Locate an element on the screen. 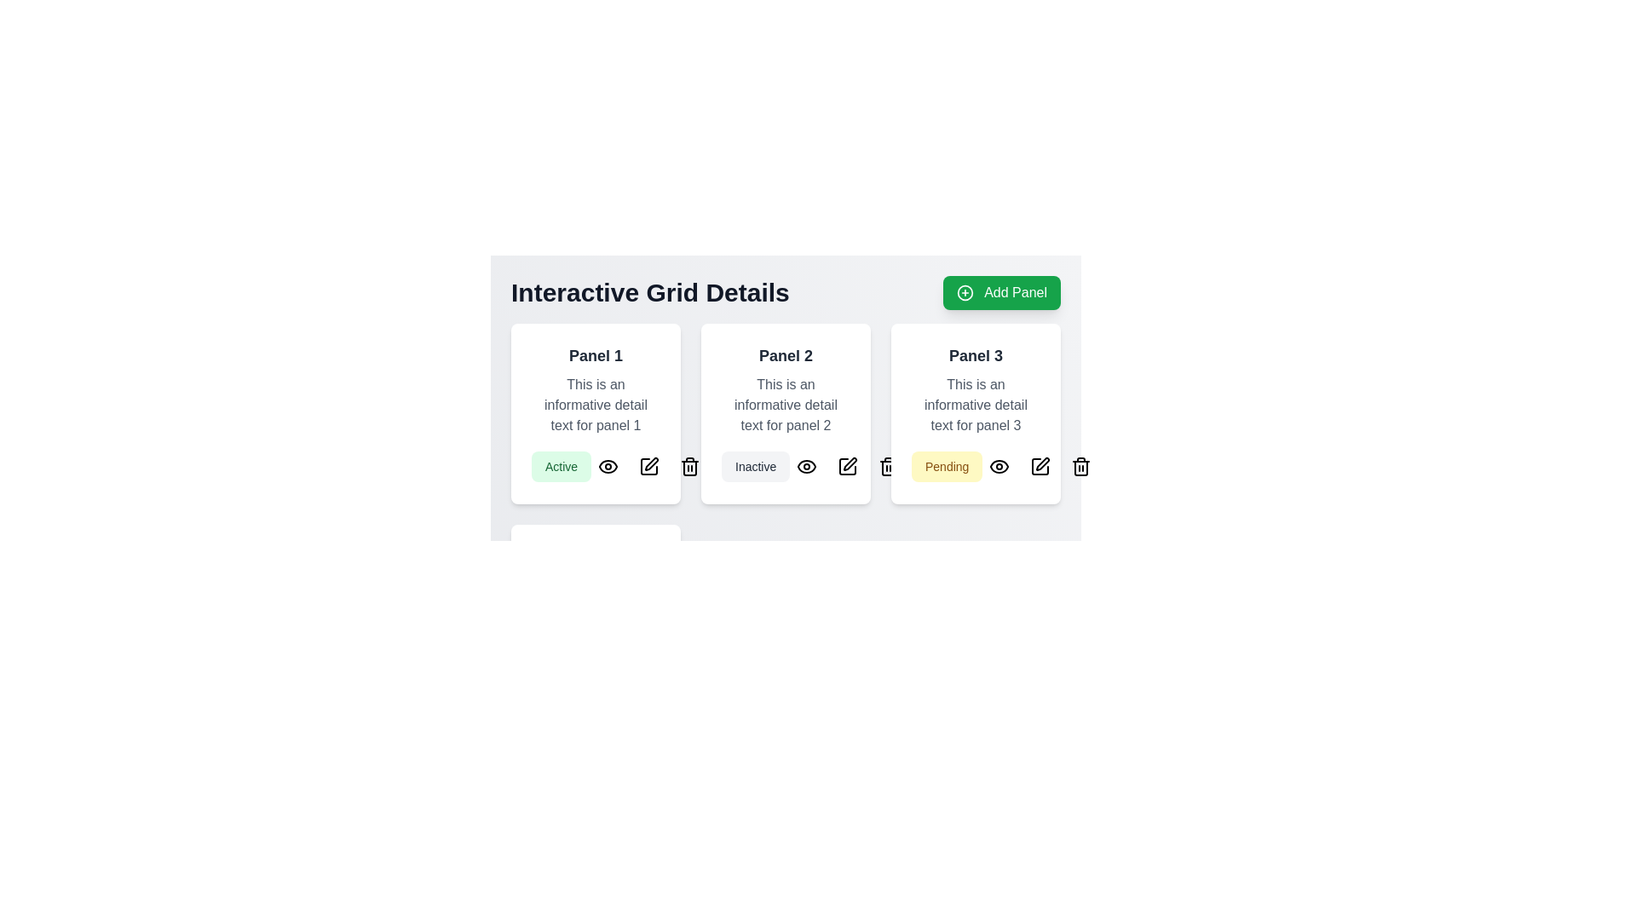 This screenshot has width=1636, height=920. the trash bin icon located in the bottom-right corner of 'Panel 3' is located at coordinates (1080, 466).